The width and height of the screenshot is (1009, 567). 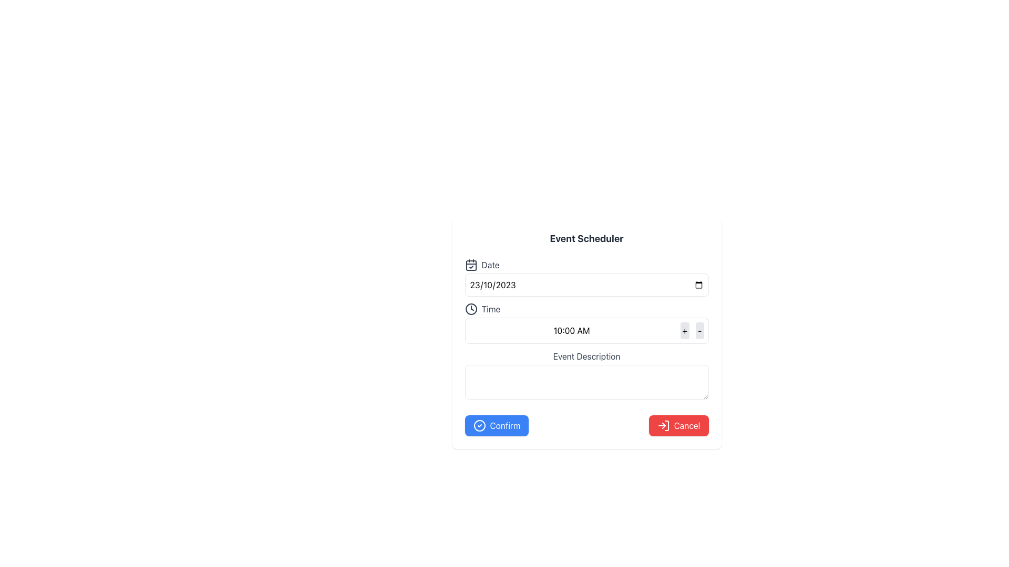 What do you see at coordinates (470, 265) in the screenshot?
I see `the calendar-check icon in the Event Scheduler card, which is located adjacent to the text 'Date'` at bounding box center [470, 265].